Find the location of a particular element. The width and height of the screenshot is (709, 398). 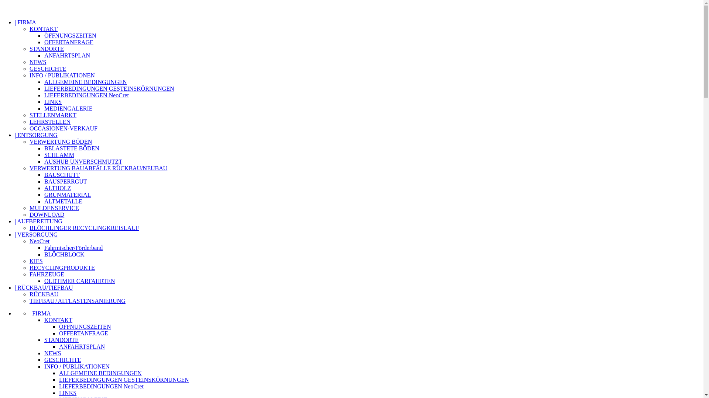

'NEWS' is located at coordinates (30, 62).